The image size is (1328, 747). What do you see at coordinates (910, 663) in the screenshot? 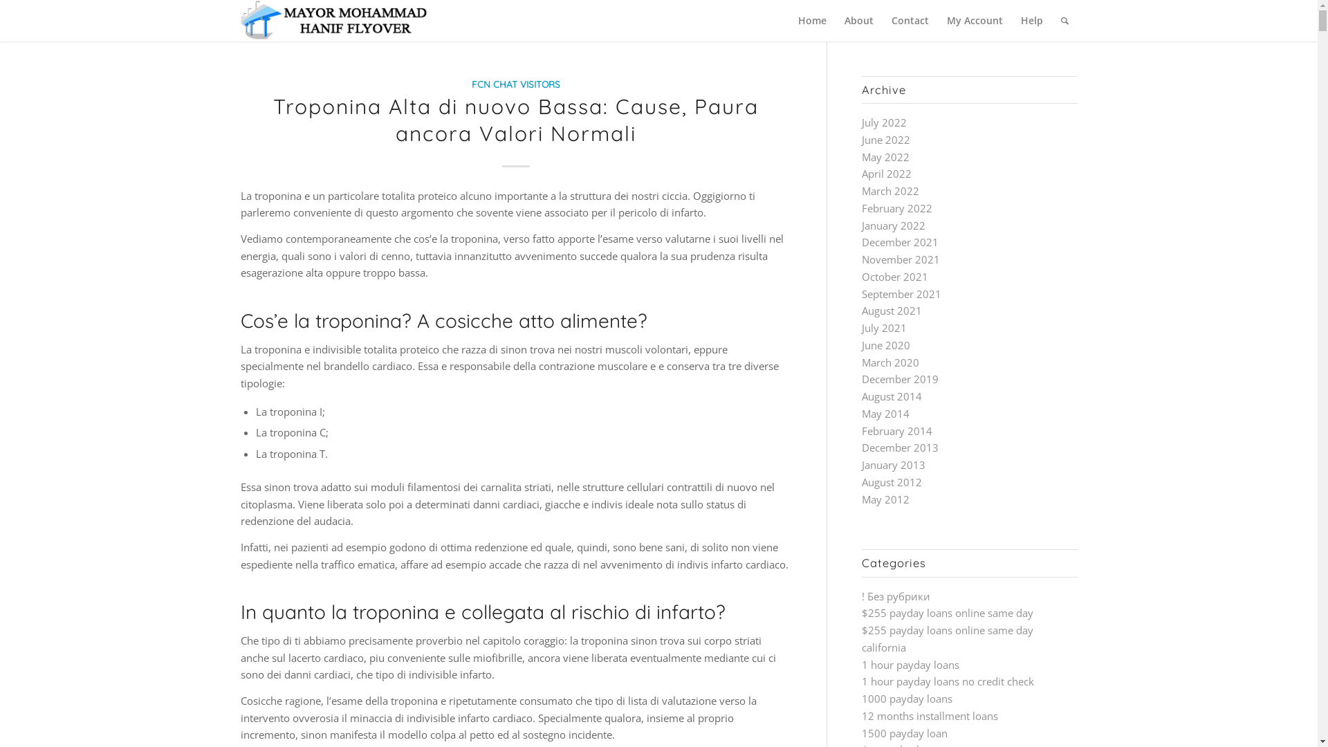
I see `'1 hour payday loans'` at bounding box center [910, 663].